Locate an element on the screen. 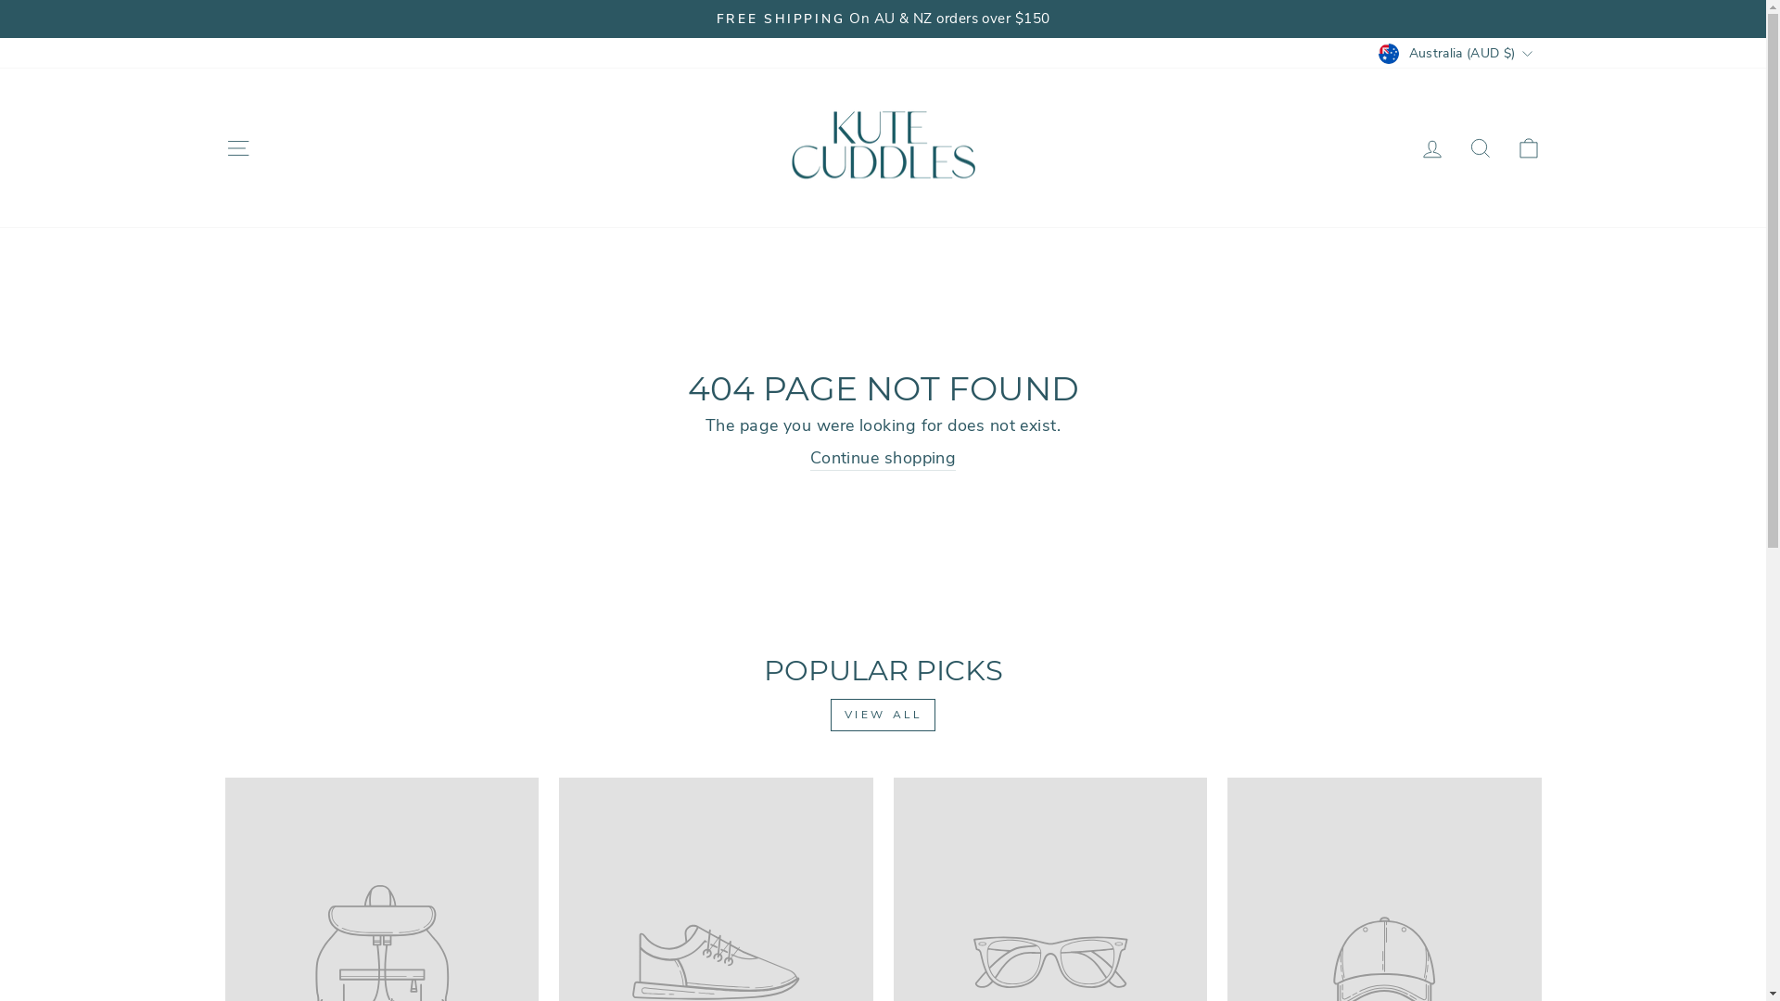 This screenshot has width=1780, height=1001. 'Continue shopping' is located at coordinates (883, 458).